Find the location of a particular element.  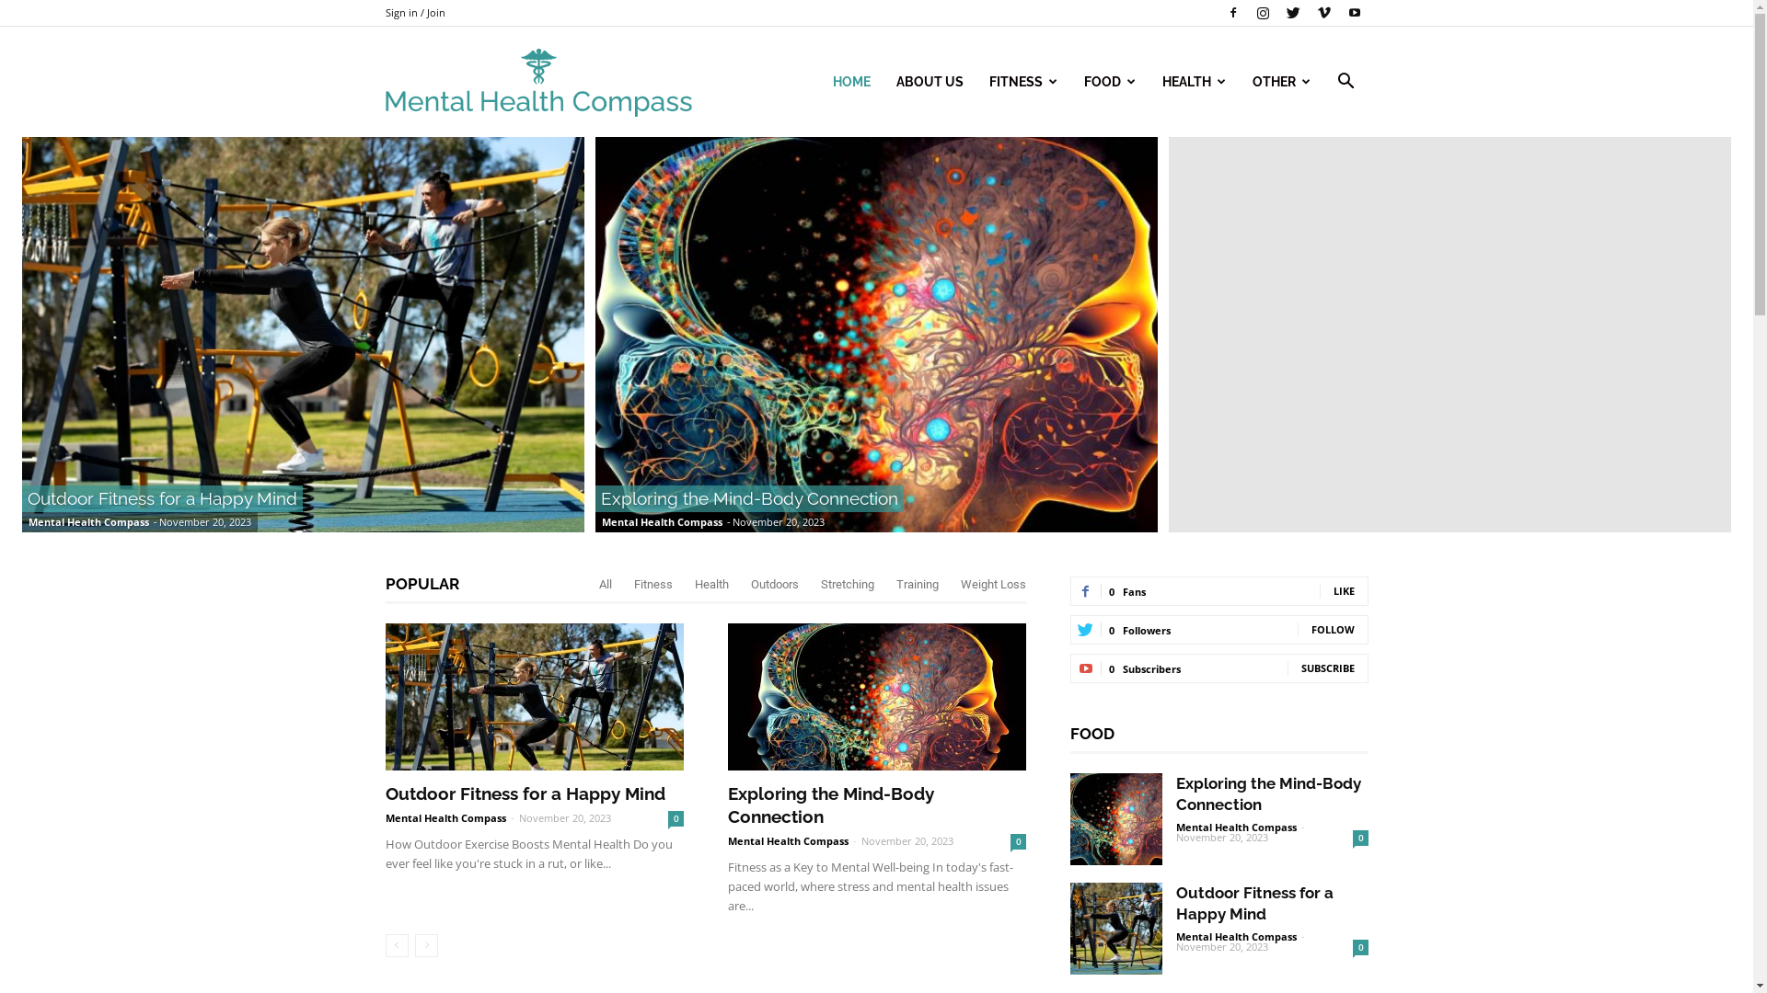

'Youtube' is located at coordinates (1353, 13).